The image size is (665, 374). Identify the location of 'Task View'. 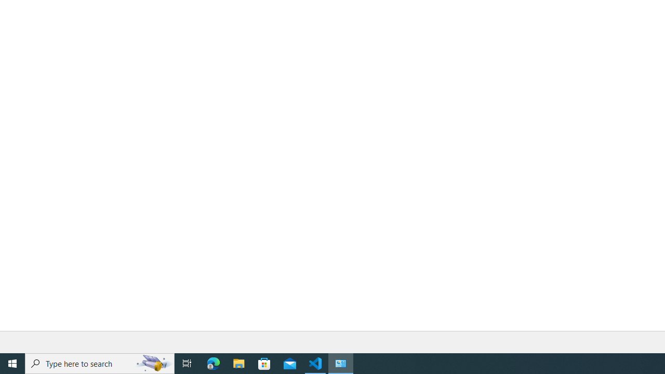
(187, 363).